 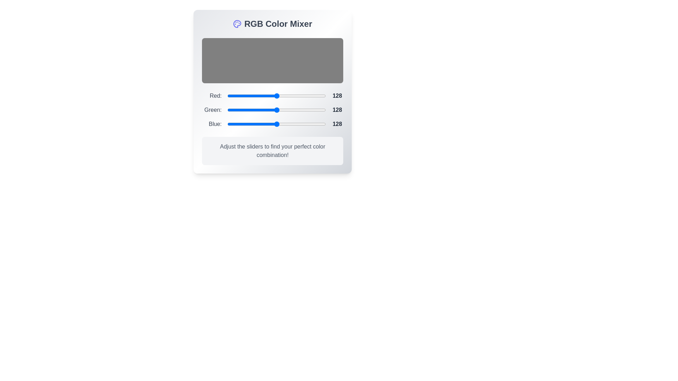 What do you see at coordinates (285, 110) in the screenshot?
I see `the 1 slider to a value of 44` at bounding box center [285, 110].